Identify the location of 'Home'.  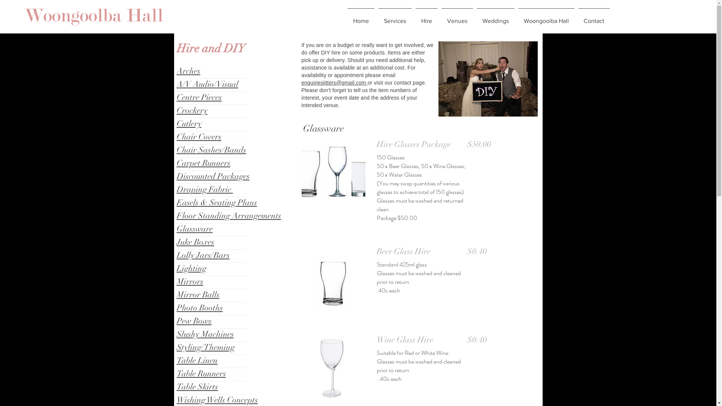
(360, 17).